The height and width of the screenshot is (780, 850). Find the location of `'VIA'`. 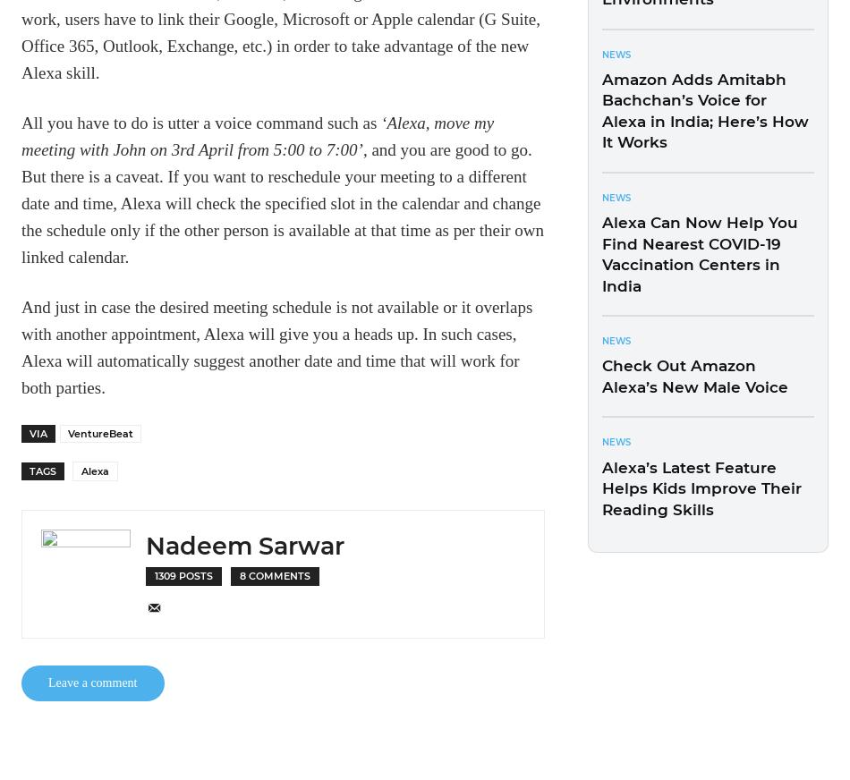

'VIA' is located at coordinates (29, 431).